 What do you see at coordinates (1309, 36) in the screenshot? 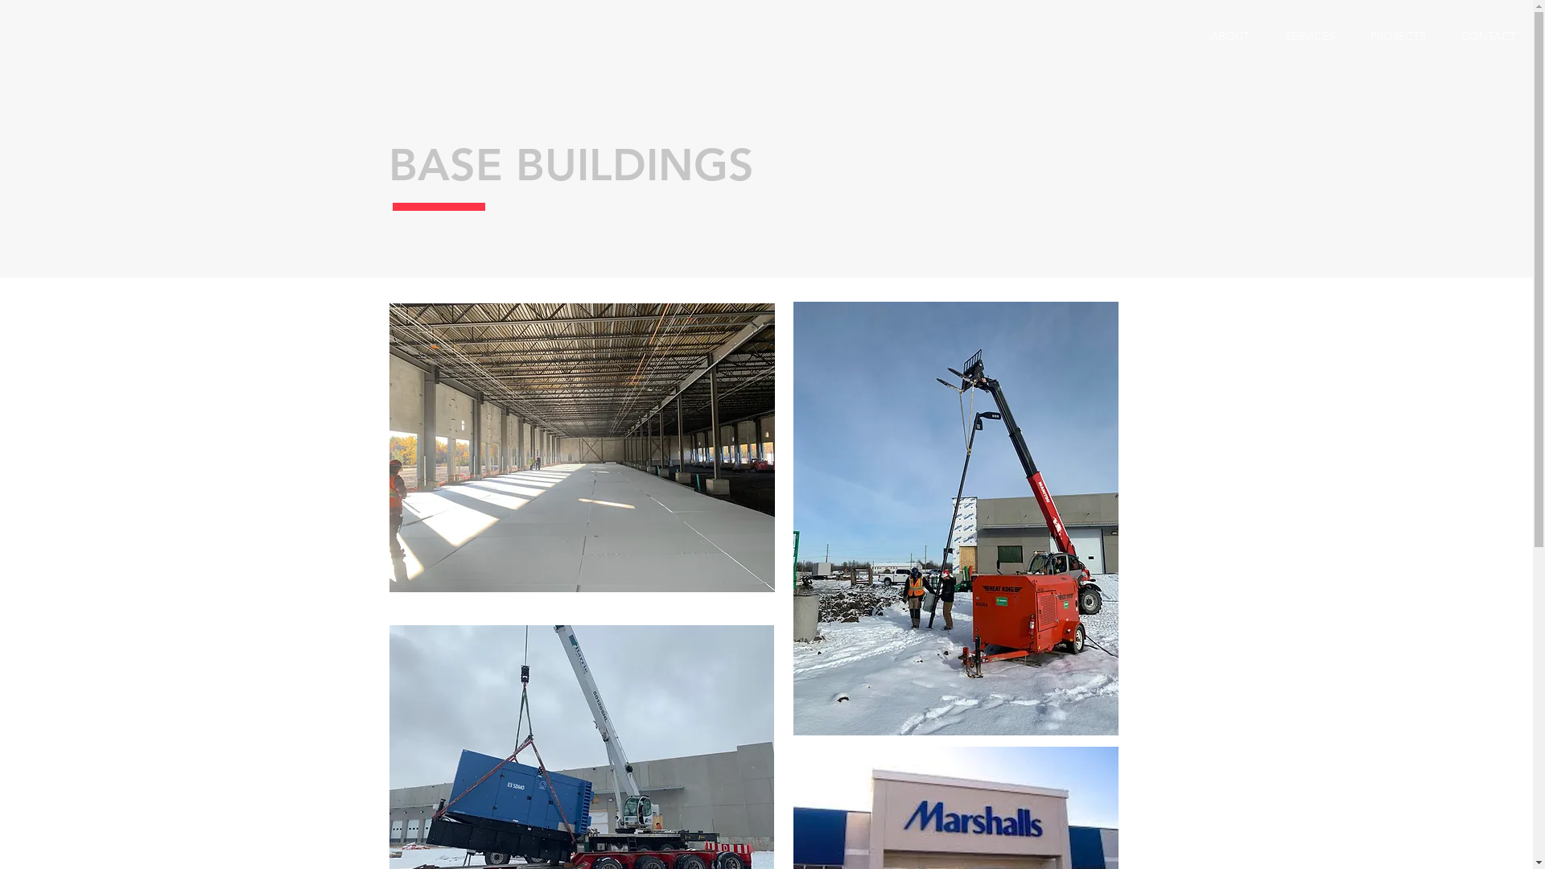
I see `'SERVICES'` at bounding box center [1309, 36].